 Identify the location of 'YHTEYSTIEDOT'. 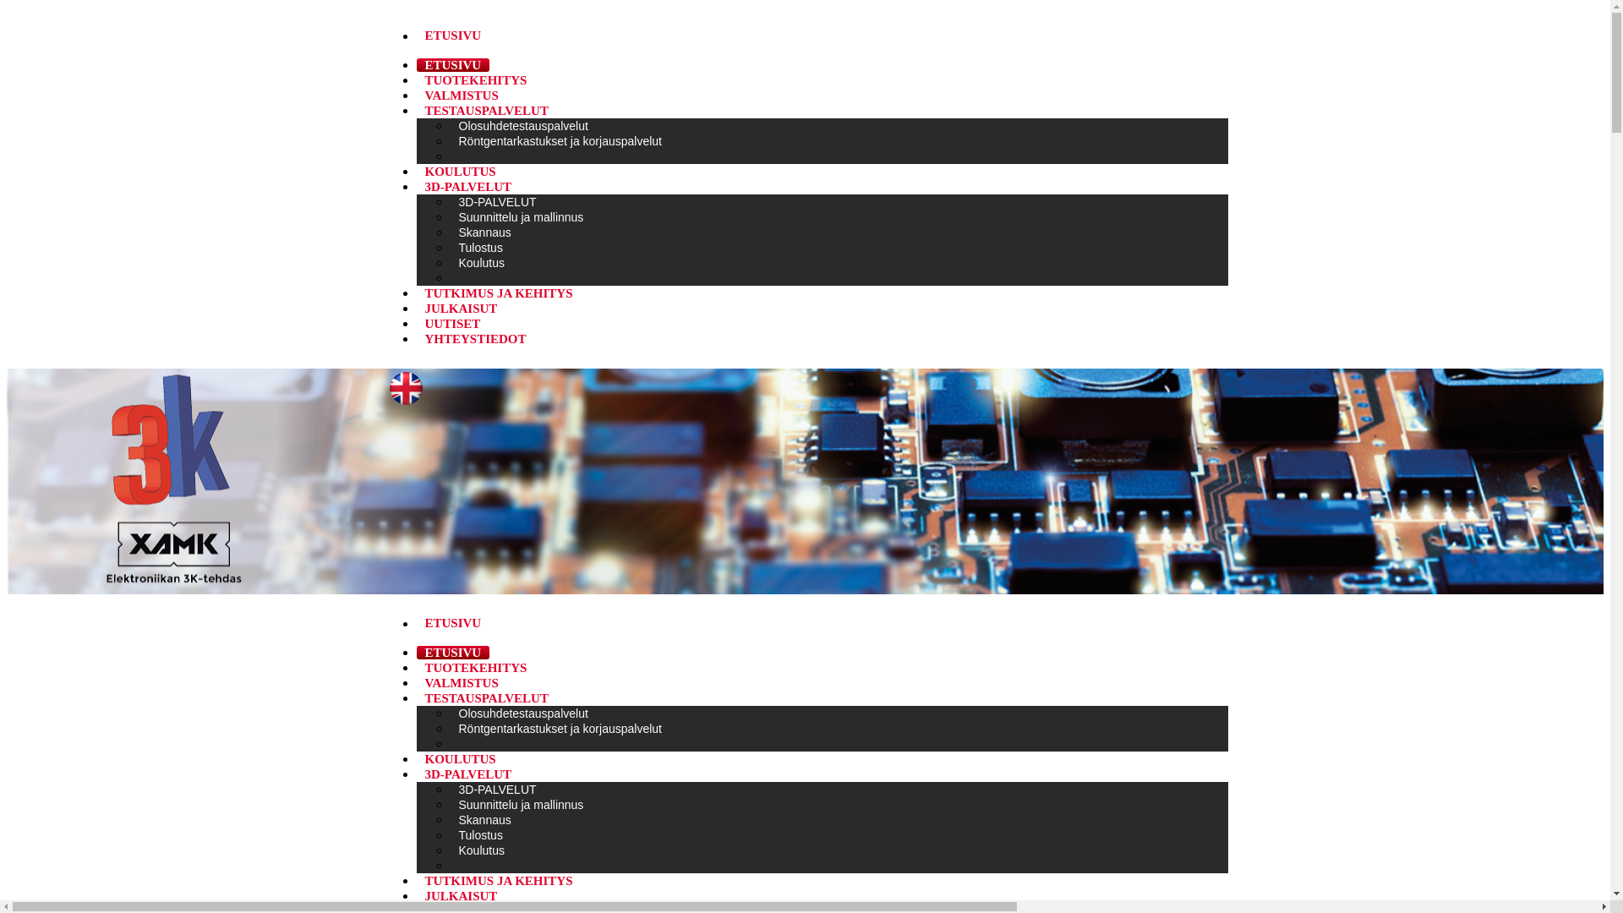
(473, 339).